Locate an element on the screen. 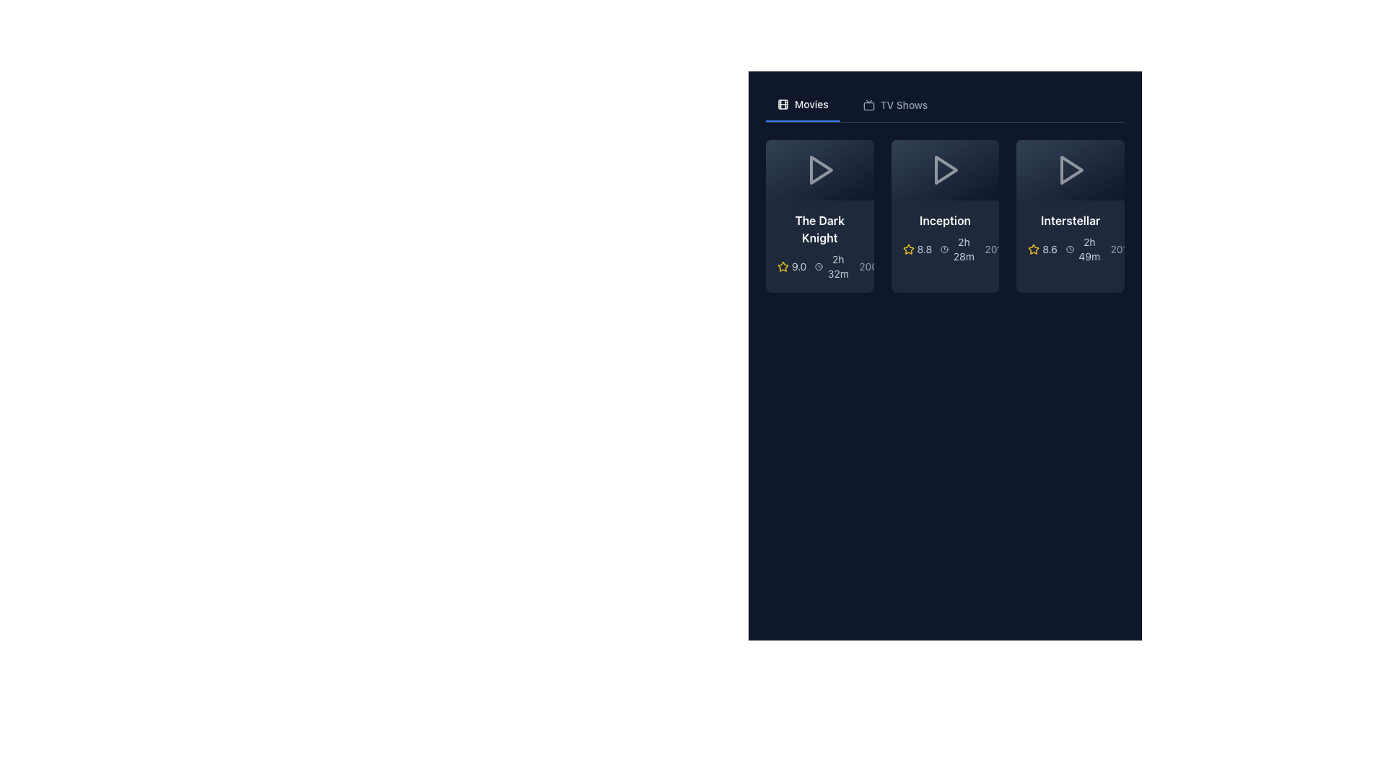 The height and width of the screenshot is (779, 1386). the static text displaying the year '2010' located at the bottom-right corner of the 'Inception' movie card, if interactive features are added is located at coordinates (995, 249).